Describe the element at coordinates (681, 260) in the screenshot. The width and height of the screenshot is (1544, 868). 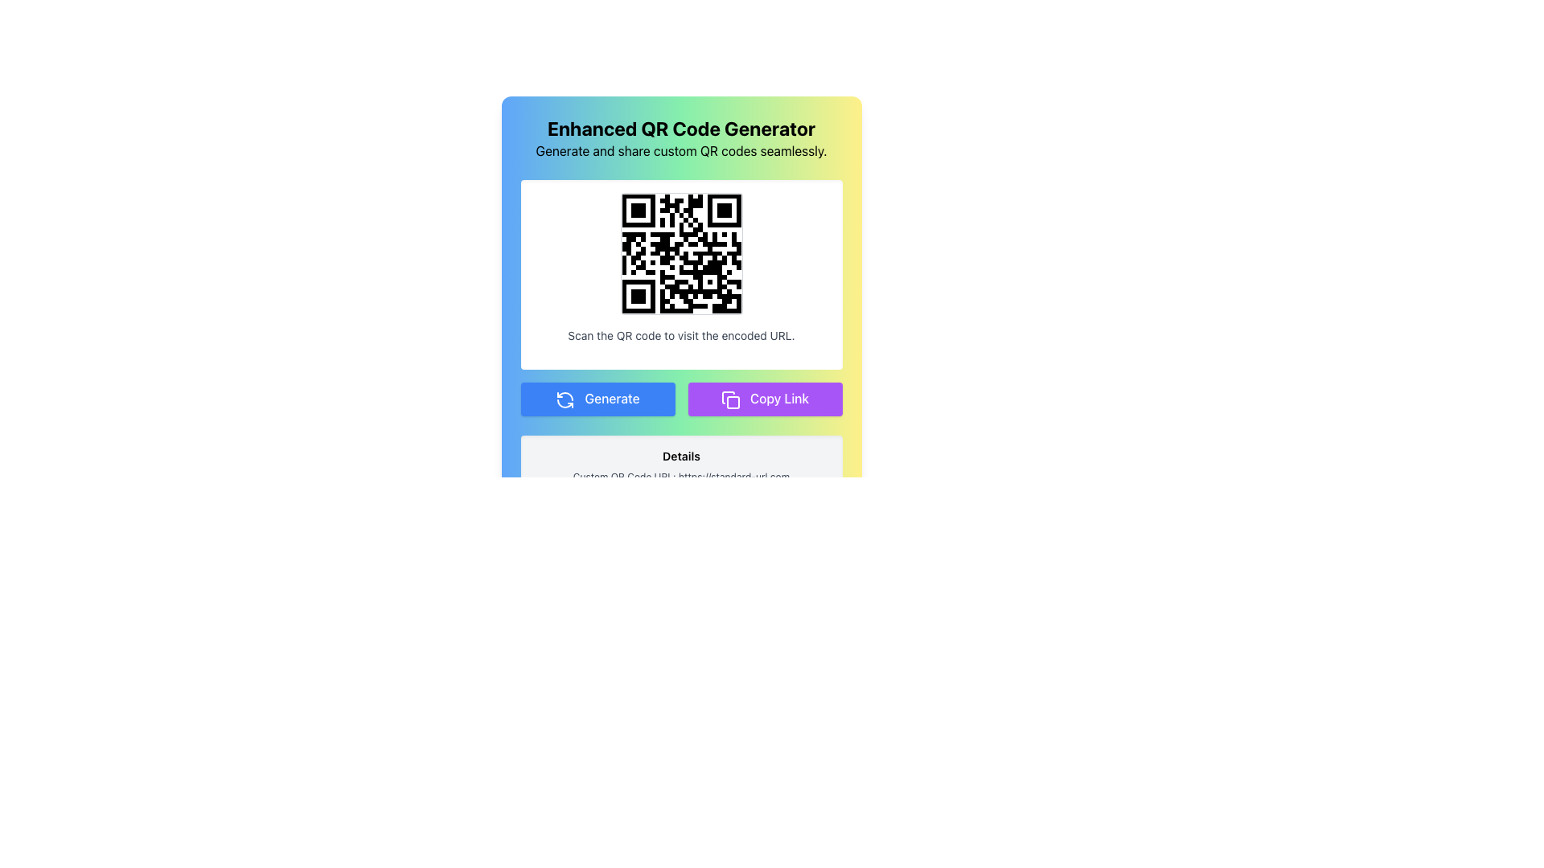
I see `the scannable QR code image located centrally within the colored section of the enhanced QR code generator interface, which is positioned directly below the title and description text` at that location.